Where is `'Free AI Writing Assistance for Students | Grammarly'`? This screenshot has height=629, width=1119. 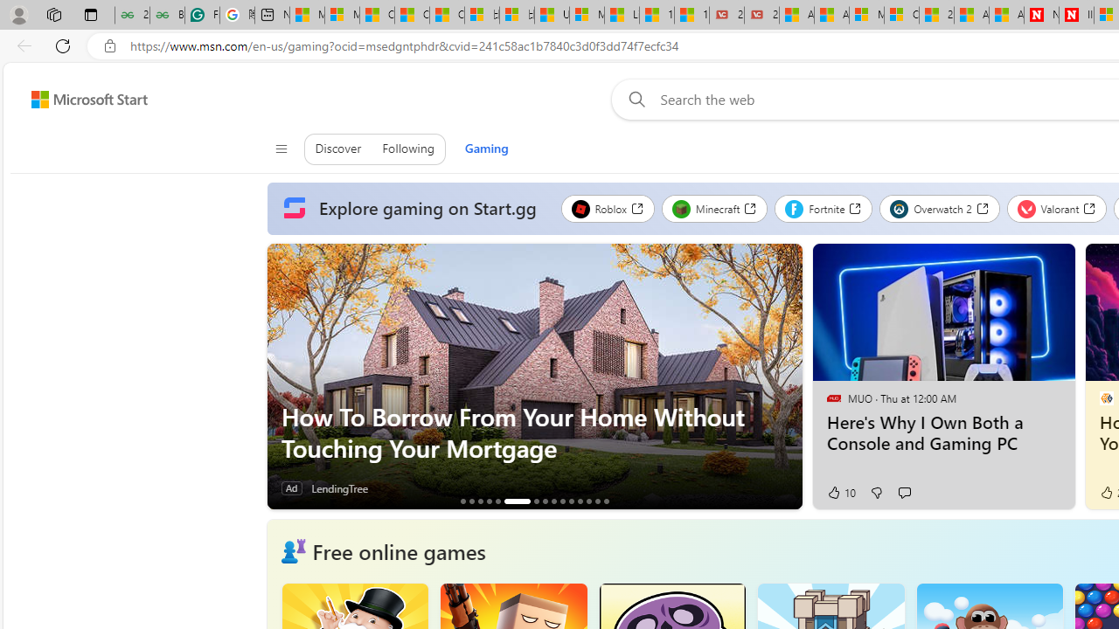 'Free AI Writing Assistance for Students | Grammarly' is located at coordinates (202, 15).